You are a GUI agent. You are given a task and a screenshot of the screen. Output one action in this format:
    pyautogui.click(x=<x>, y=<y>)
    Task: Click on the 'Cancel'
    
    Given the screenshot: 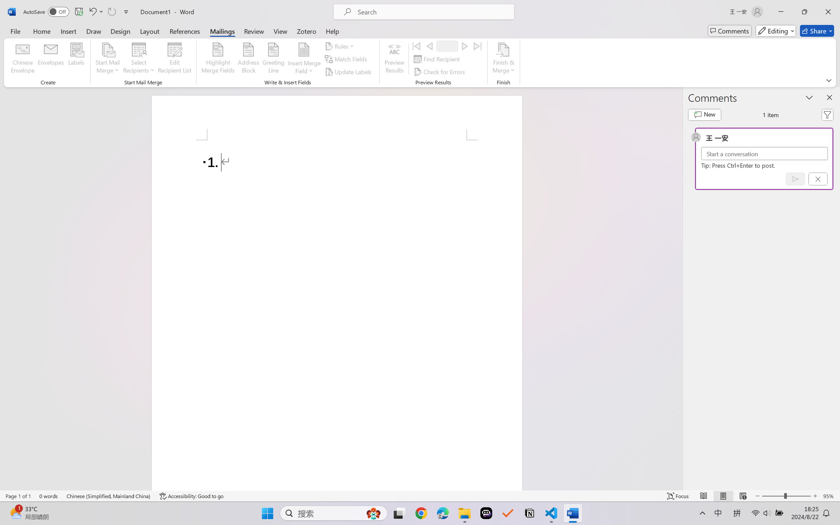 What is the action you would take?
    pyautogui.click(x=817, y=179)
    